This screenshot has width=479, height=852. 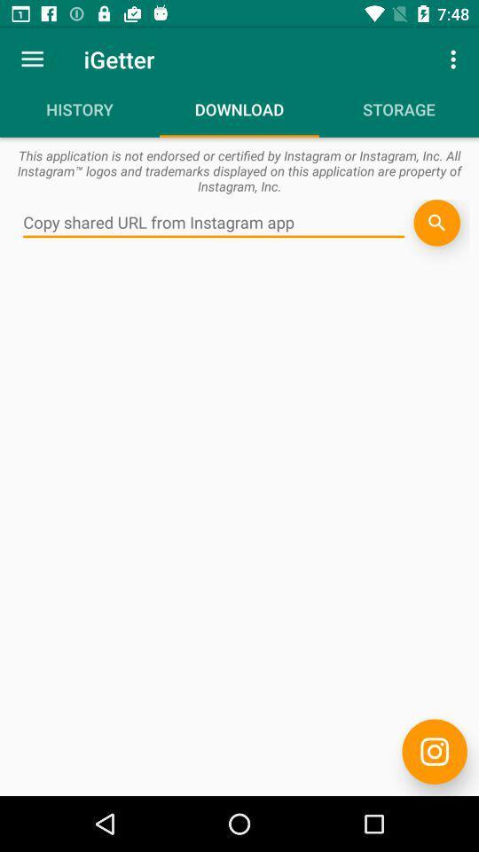 I want to click on the photo icon, so click(x=434, y=751).